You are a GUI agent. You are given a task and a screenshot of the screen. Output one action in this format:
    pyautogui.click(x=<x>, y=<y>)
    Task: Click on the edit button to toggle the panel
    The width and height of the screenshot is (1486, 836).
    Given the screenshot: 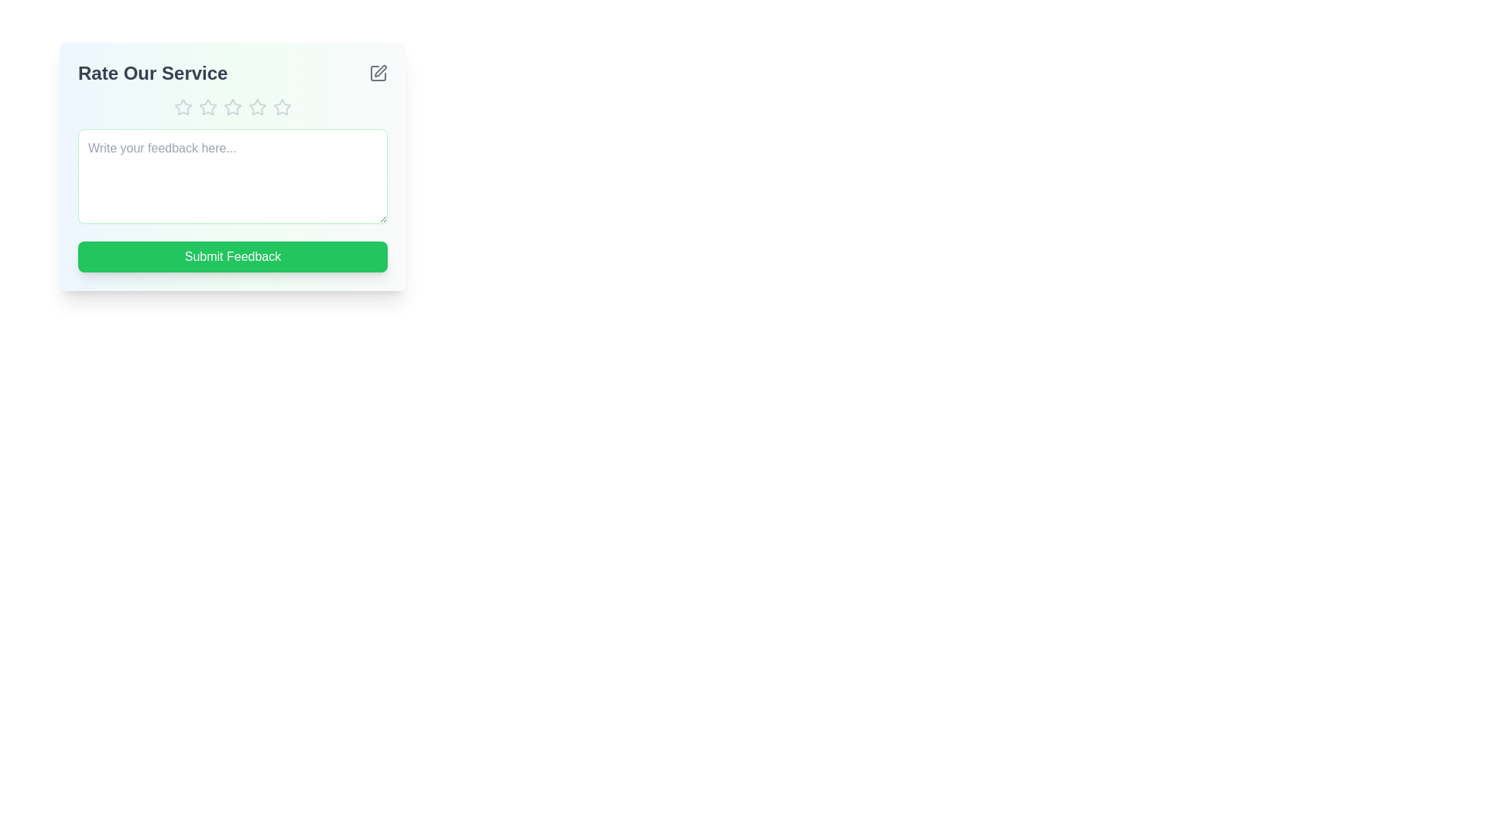 What is the action you would take?
    pyautogui.click(x=378, y=74)
    